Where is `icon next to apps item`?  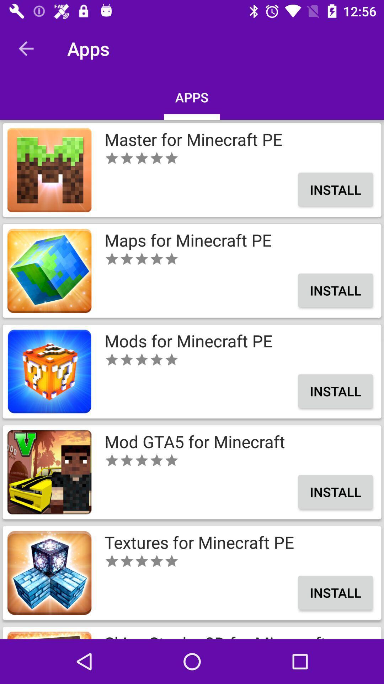 icon next to apps item is located at coordinates (26, 48).